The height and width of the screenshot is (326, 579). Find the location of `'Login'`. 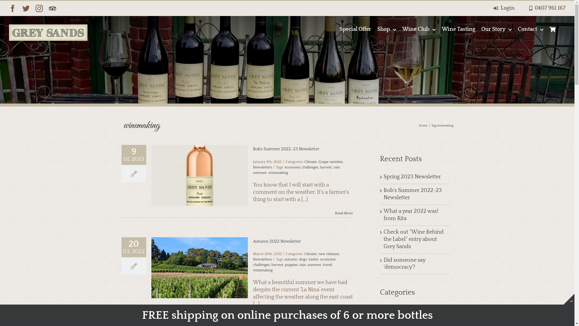

'Login' is located at coordinates (491, 8).